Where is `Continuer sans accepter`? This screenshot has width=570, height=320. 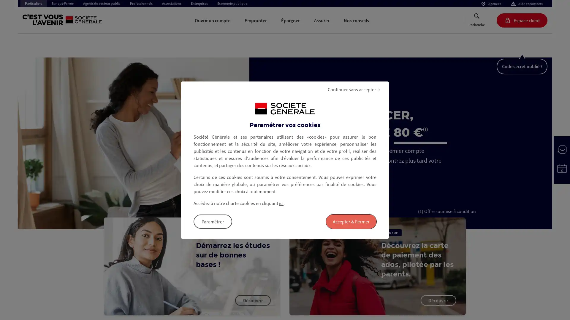
Continuer sans accepter is located at coordinates (354, 89).